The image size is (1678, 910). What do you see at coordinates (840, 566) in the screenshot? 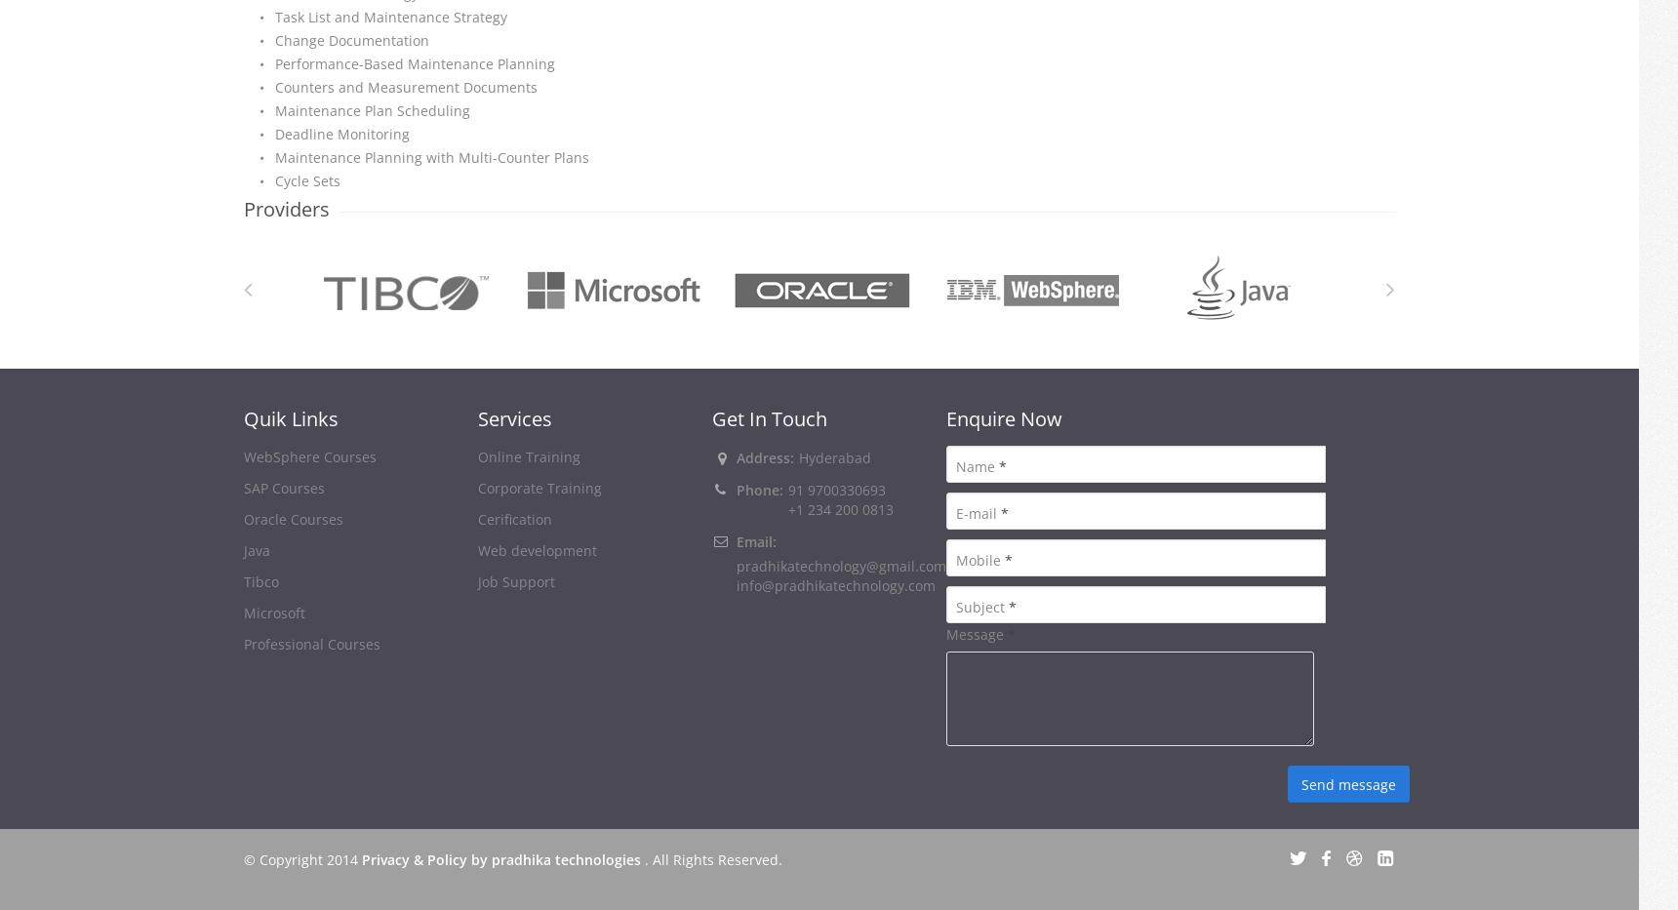
I see `'pradhikatechnology@gmail.com'` at bounding box center [840, 566].